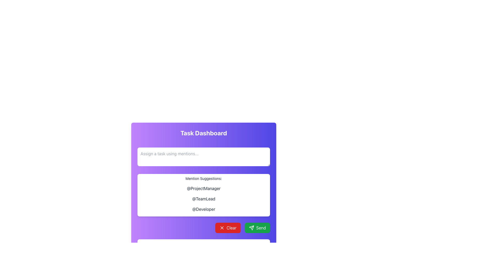 This screenshot has height=280, width=498. I want to click on the list item option displaying '@TeamLead' in the mention suggestions dropdown, so click(203, 199).